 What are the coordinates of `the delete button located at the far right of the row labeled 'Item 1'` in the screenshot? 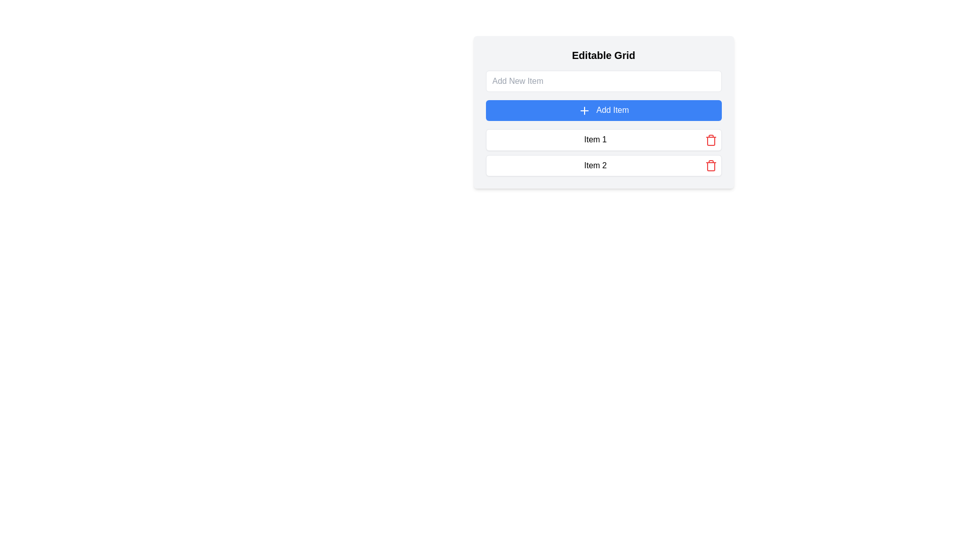 It's located at (710, 140).